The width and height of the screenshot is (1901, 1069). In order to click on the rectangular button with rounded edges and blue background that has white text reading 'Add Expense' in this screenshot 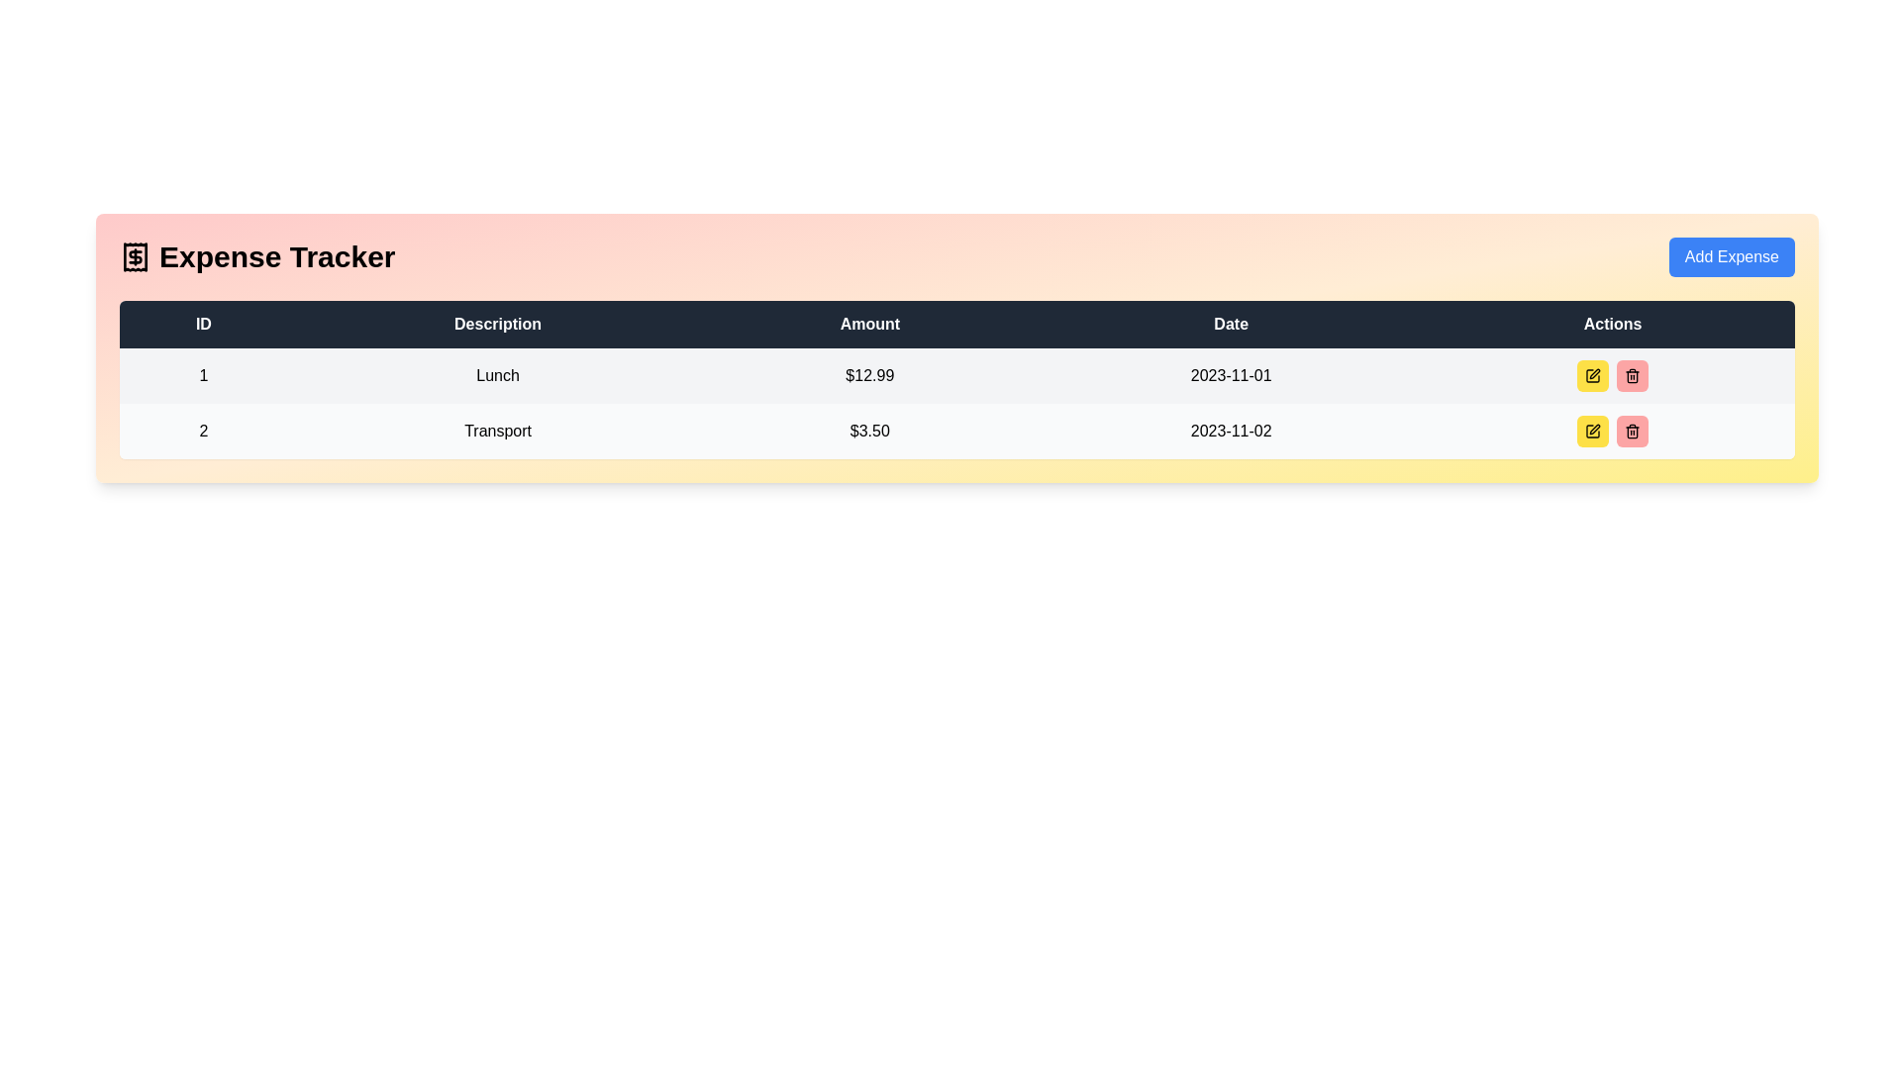, I will do `click(1731, 255)`.